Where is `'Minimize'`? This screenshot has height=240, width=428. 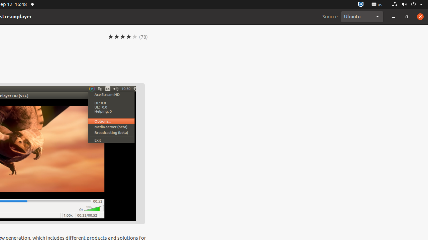 'Minimize' is located at coordinates (393, 16).